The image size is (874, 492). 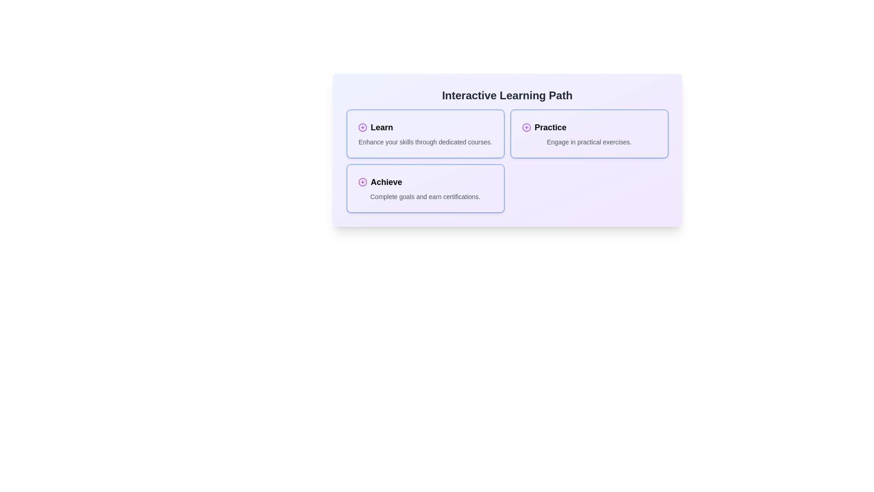 I want to click on the icon representing the functional button for the 'Achieve' section, so click(x=362, y=182).